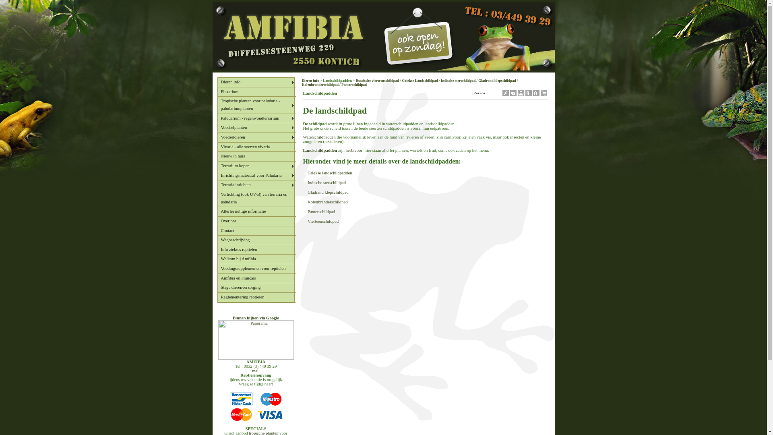  Describe the element at coordinates (323, 221) in the screenshot. I see `'Vierteenschildpad'` at that location.